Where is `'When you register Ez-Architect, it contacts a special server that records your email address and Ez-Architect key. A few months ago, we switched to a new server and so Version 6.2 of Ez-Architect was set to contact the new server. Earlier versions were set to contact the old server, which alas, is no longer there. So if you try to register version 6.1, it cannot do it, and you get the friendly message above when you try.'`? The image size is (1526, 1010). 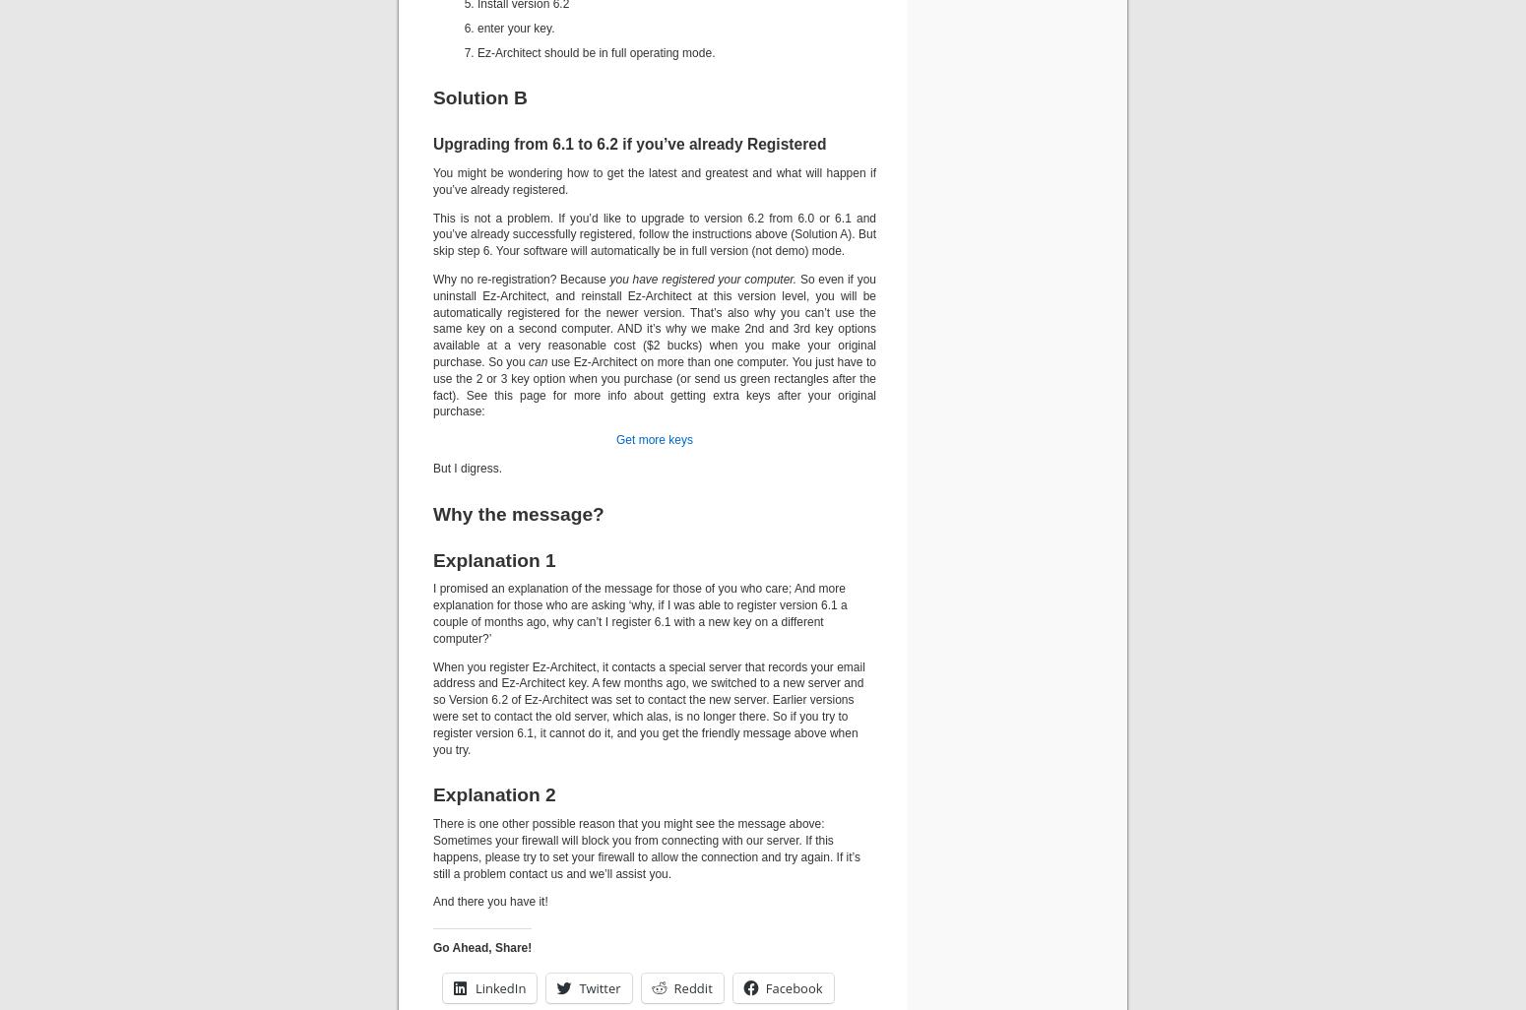 'When you register Ez-Architect, it contacts a special server that records your email address and Ez-Architect key. A few months ago, we switched to a new server and so Version 6.2 of Ez-Architect was set to contact the new server. Earlier versions were set to contact the old server, which alas, is no longer there. So if you try to register version 6.1, it cannot do it, and you get the friendly message above when you try.' is located at coordinates (433, 708).